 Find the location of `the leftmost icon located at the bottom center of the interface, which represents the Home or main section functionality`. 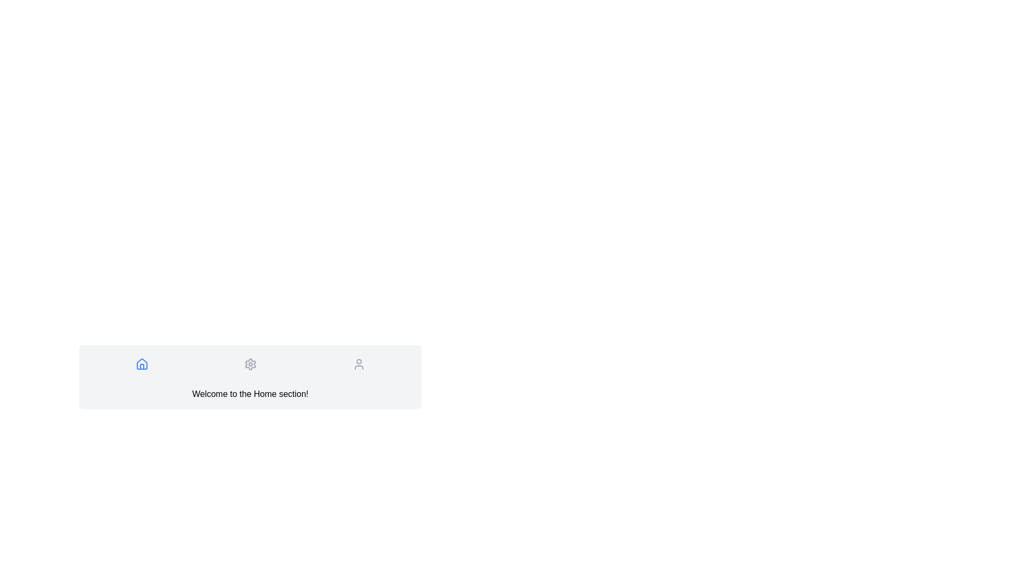

the leftmost icon located at the bottom center of the interface, which represents the Home or main section functionality is located at coordinates (141, 366).